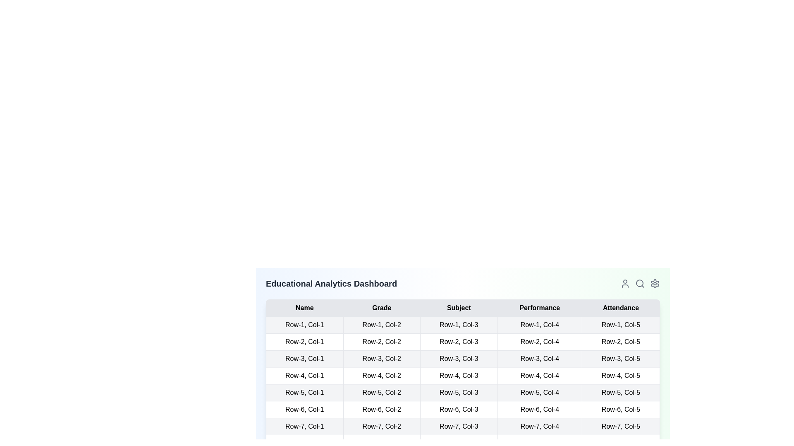 The image size is (794, 446). I want to click on the column header Performance to sort the table by that column, so click(540, 308).